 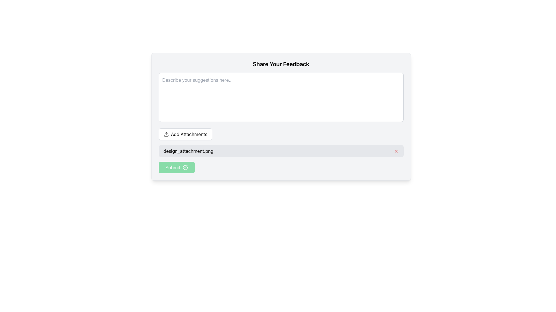 What do you see at coordinates (185, 167) in the screenshot?
I see `the success indicator icon located to the right of the 'Submit' button, which signifies a confirmed action` at bounding box center [185, 167].